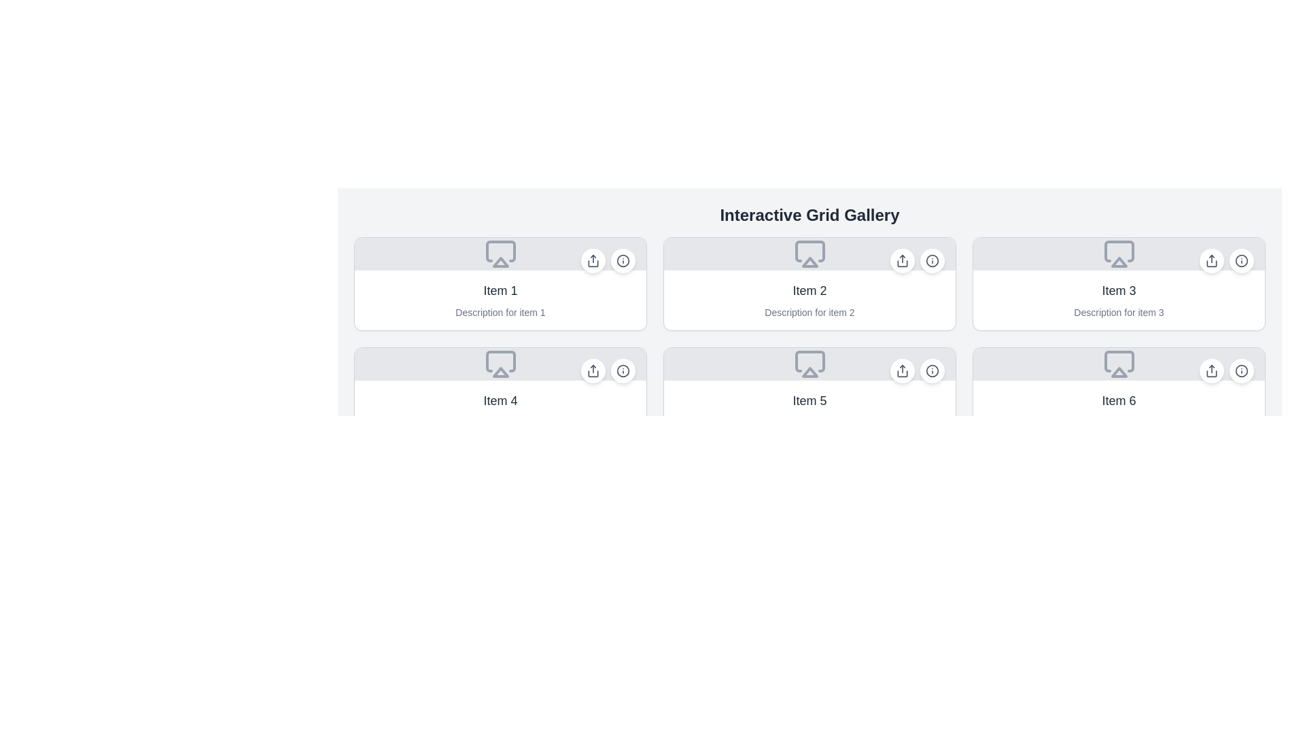  What do you see at coordinates (500, 364) in the screenshot?
I see `the Media placeholder located in the upper region of the fourth card labeled 'Item 4', which is centered horizontally above the text 'Item 4' and 'Description for item 4'` at bounding box center [500, 364].